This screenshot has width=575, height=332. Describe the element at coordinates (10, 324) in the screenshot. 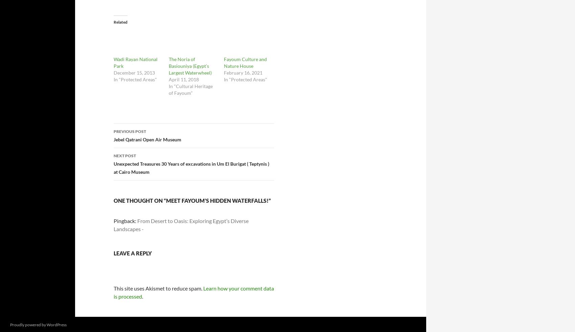

I see `'Proudly powered by WordPress'` at that location.